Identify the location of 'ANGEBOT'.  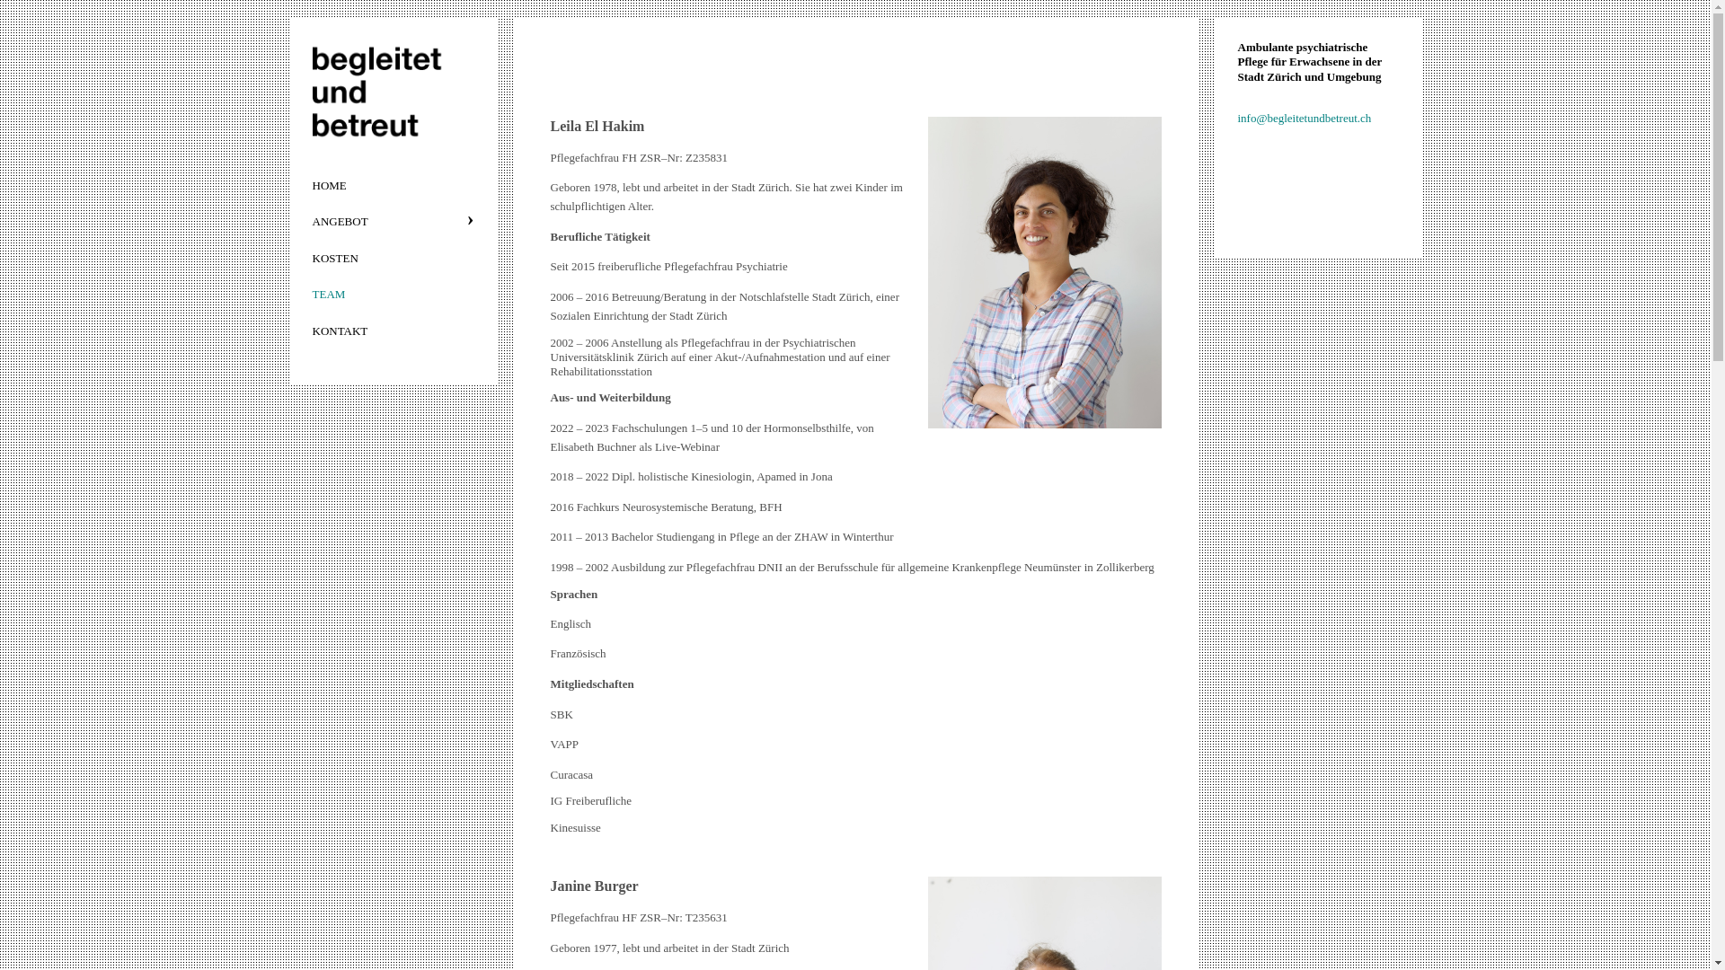
(391, 220).